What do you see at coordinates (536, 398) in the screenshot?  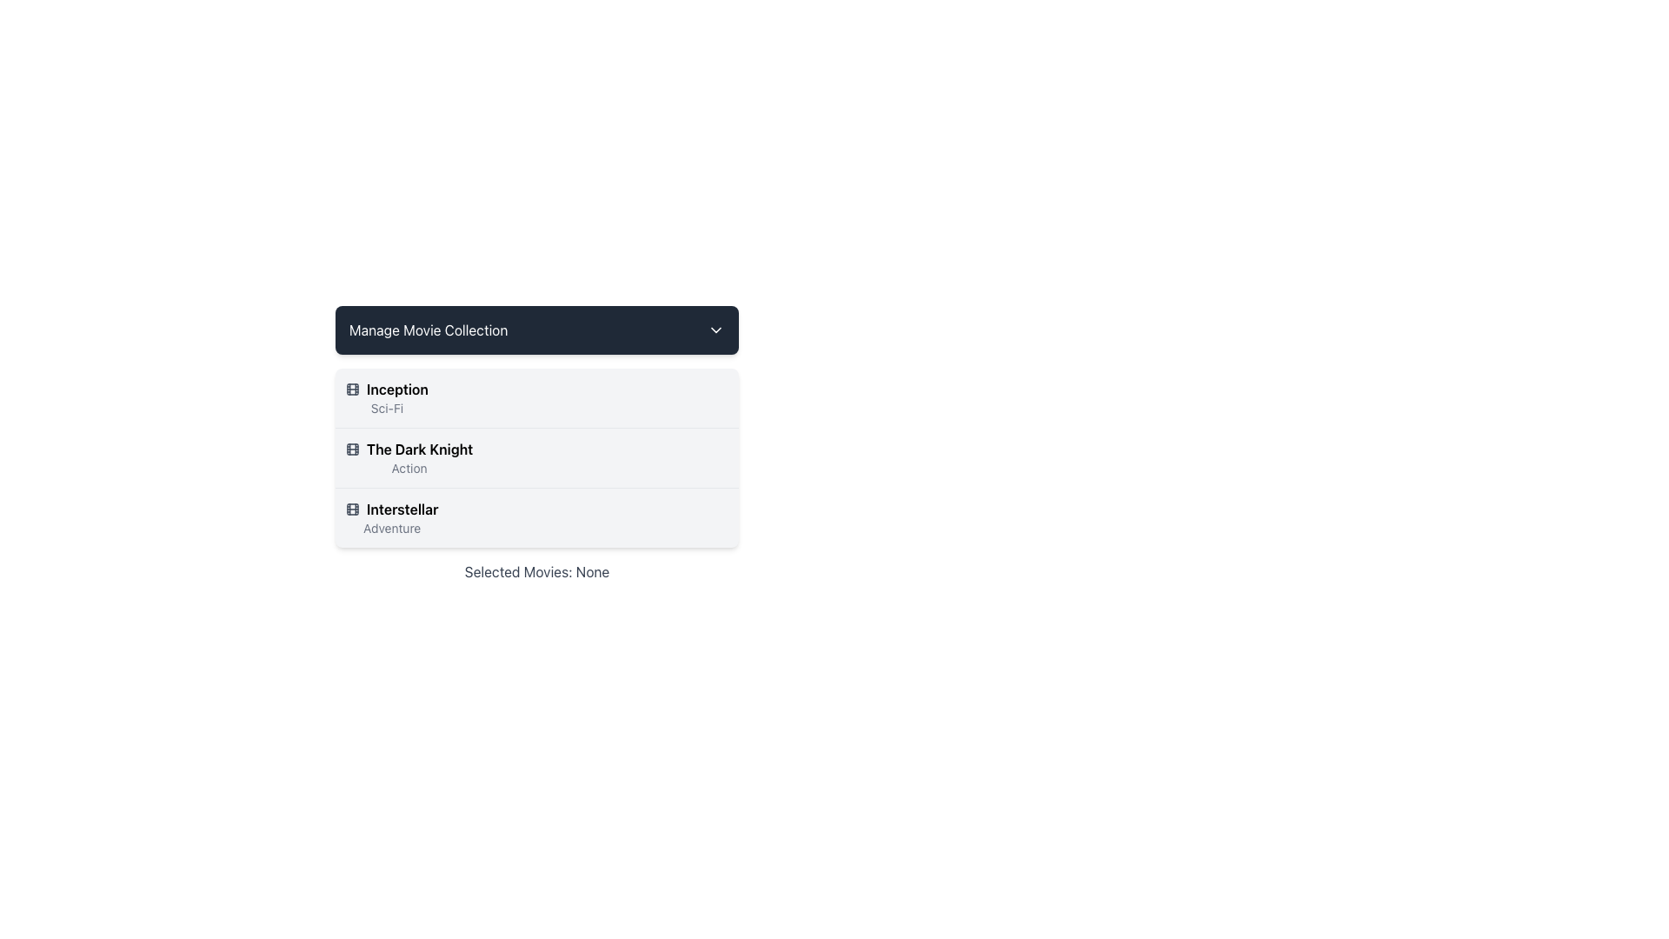 I see `the first movie list item displaying a movie title and its genre, located under the 'Manage Movie Collection' dropdown menu` at bounding box center [536, 398].